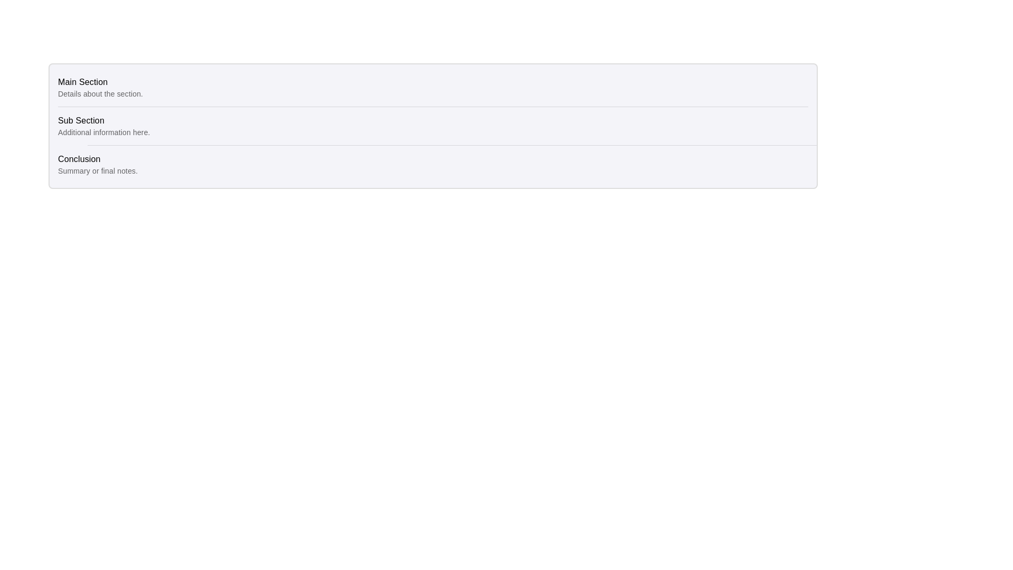 The image size is (1013, 570). Describe the element at coordinates (433, 126) in the screenshot. I see `the second list item displaying the title 'Sub Section' and the description 'Additional information here', which is positioned between the 'Main Section' and 'Conclusion' items` at that location.